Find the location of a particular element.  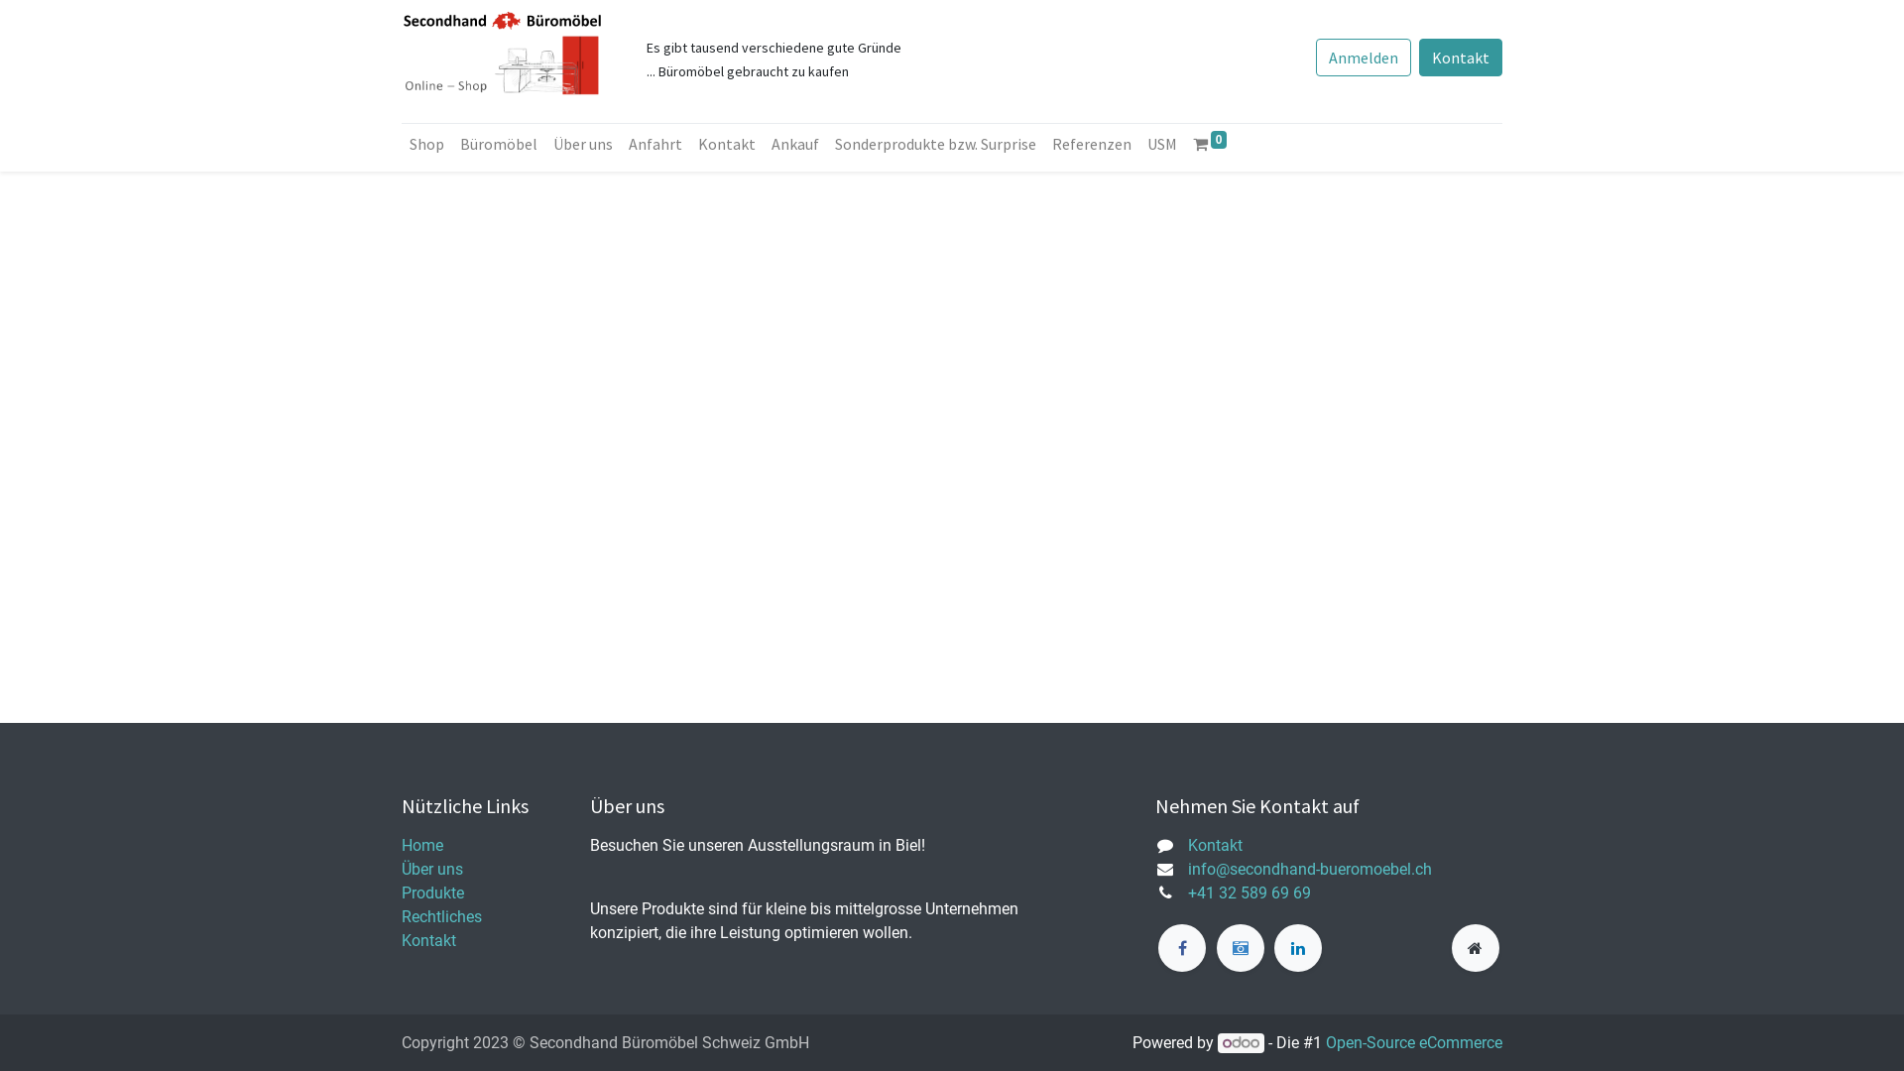

'Anmelden' is located at coordinates (1362, 56).